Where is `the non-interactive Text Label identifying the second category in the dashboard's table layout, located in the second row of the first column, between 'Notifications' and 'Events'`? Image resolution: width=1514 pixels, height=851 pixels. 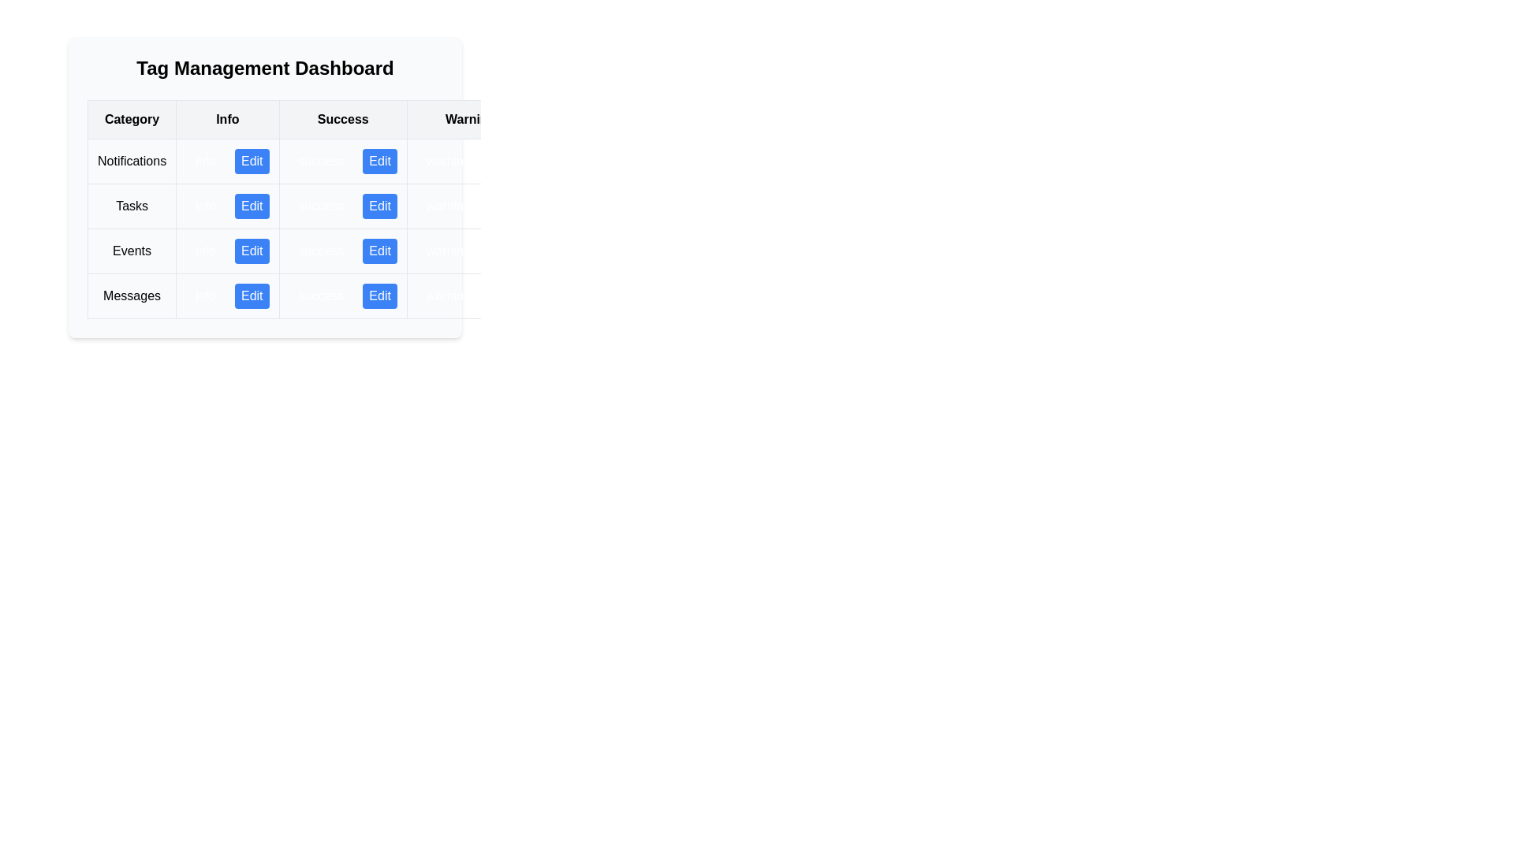 the non-interactive Text Label identifying the second category in the dashboard's table layout, located in the second row of the first column, between 'Notifications' and 'Events' is located at coordinates (132, 206).